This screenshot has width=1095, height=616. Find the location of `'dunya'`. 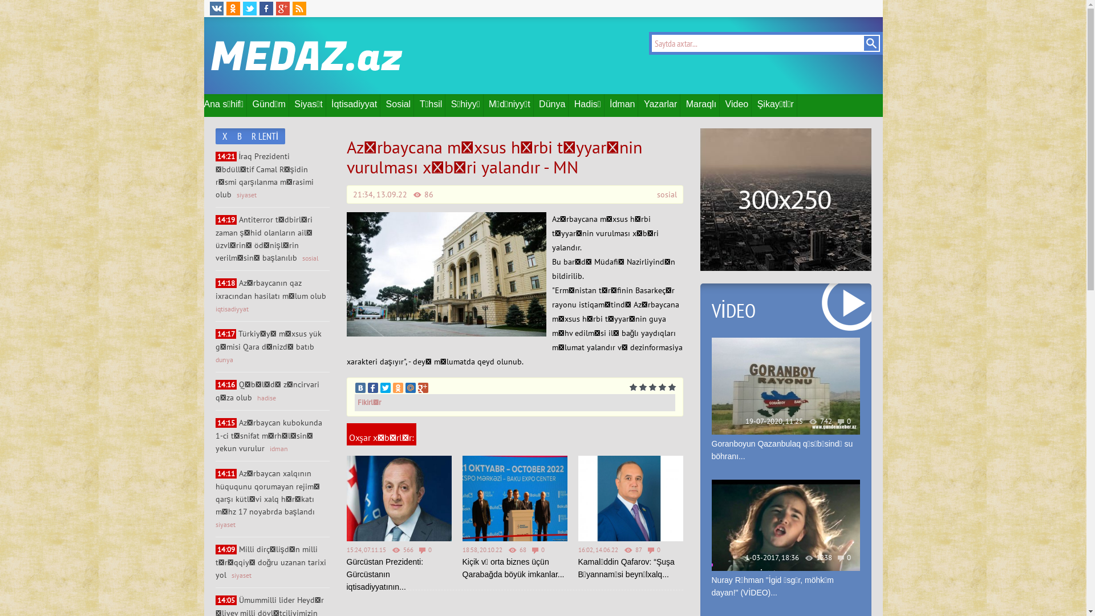

'dunya' is located at coordinates (224, 359).